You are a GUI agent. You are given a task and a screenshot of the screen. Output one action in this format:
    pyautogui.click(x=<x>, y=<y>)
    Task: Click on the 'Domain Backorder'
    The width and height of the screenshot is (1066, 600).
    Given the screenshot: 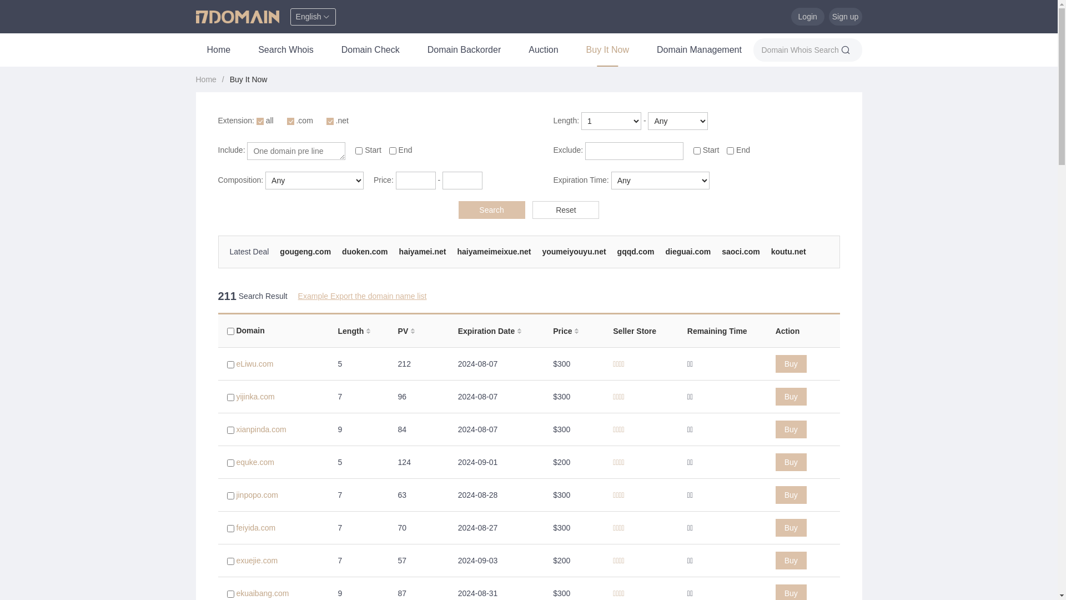 What is the action you would take?
    pyautogui.click(x=464, y=49)
    